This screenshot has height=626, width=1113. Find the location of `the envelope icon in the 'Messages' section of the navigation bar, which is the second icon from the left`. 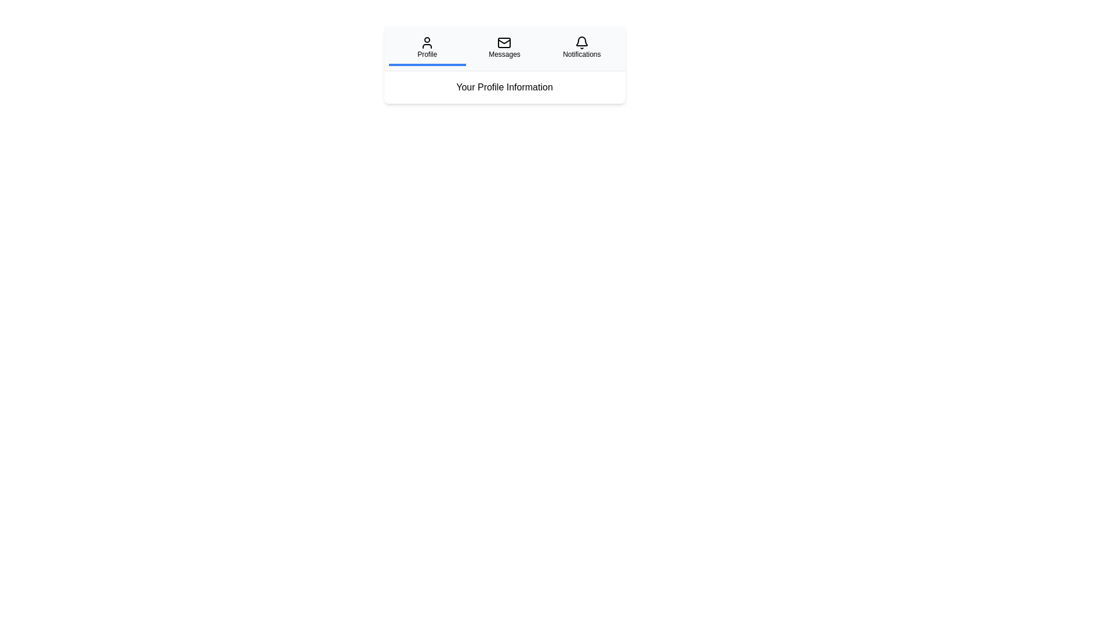

the envelope icon in the 'Messages' section of the navigation bar, which is the second icon from the left is located at coordinates (504, 42).